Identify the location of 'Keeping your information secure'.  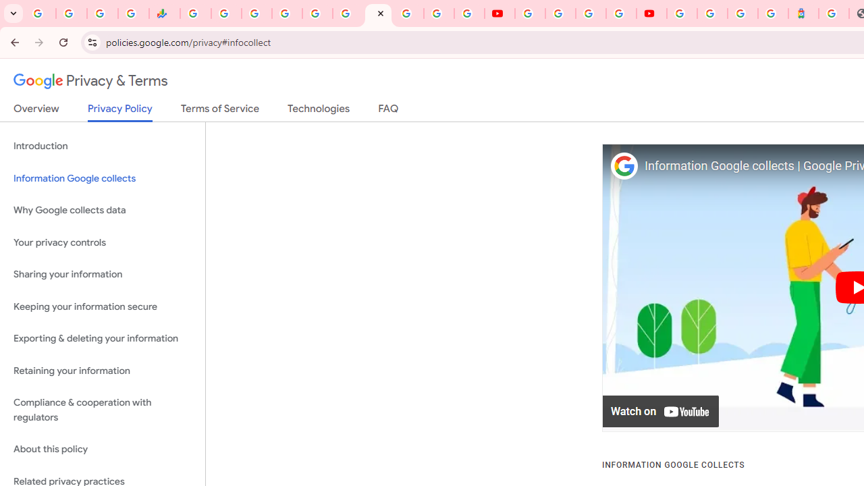
(102, 306).